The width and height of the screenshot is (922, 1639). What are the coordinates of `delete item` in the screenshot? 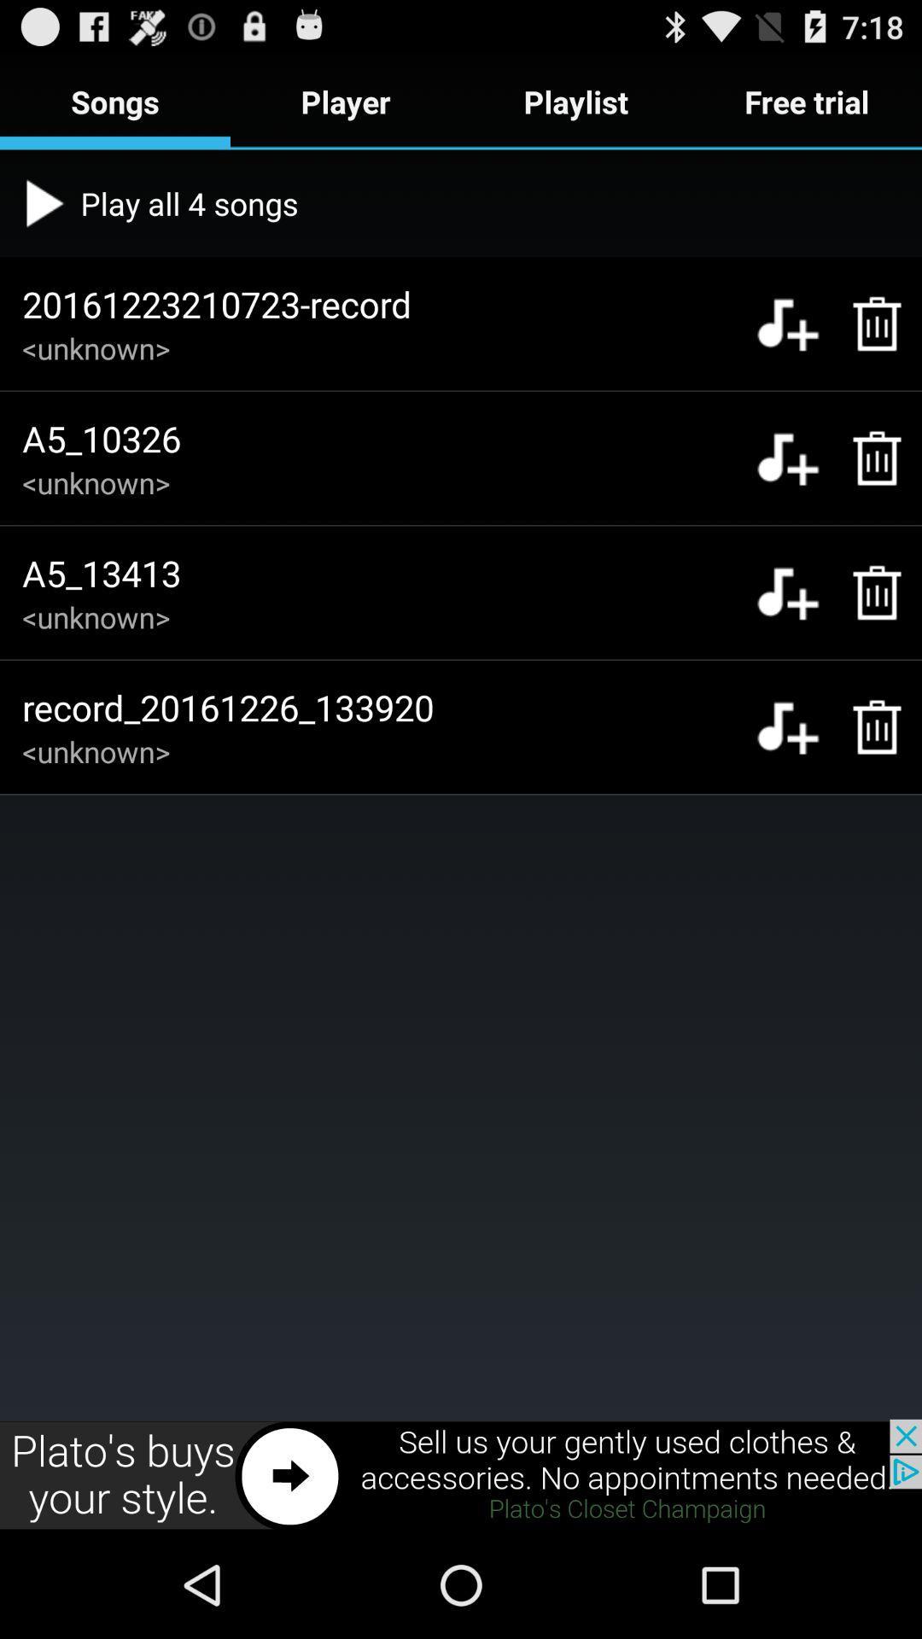 It's located at (868, 324).